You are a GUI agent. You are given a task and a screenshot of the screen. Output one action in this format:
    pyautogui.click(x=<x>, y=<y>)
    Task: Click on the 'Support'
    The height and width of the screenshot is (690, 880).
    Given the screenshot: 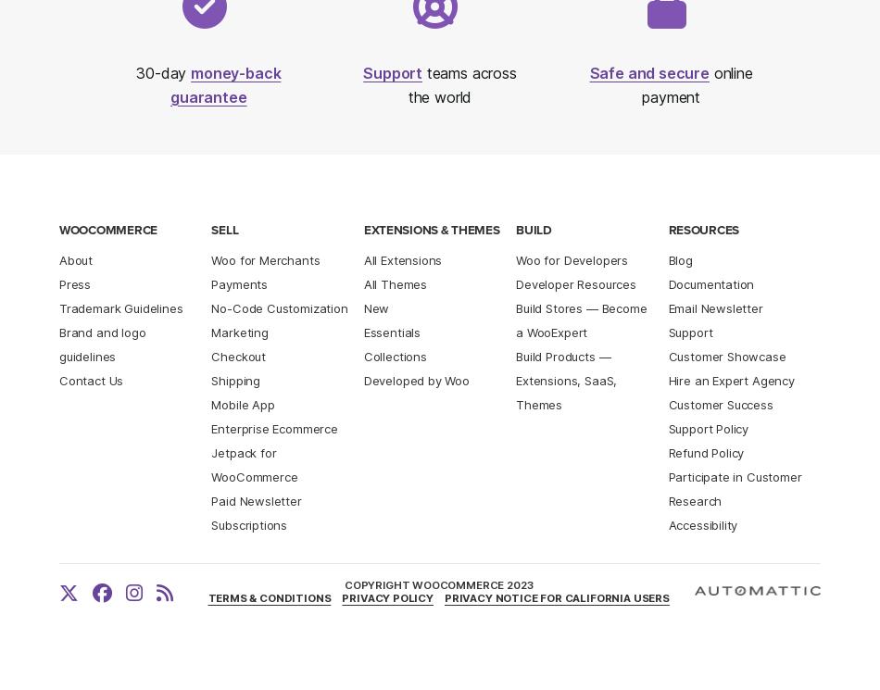 What is the action you would take?
    pyautogui.click(x=391, y=72)
    